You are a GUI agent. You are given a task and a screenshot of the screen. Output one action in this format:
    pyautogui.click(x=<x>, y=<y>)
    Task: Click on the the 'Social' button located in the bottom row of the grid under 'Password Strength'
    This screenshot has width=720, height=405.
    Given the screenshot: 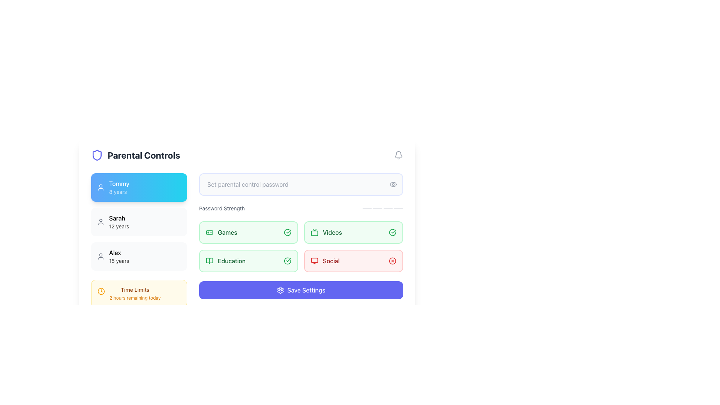 What is the action you would take?
    pyautogui.click(x=353, y=260)
    